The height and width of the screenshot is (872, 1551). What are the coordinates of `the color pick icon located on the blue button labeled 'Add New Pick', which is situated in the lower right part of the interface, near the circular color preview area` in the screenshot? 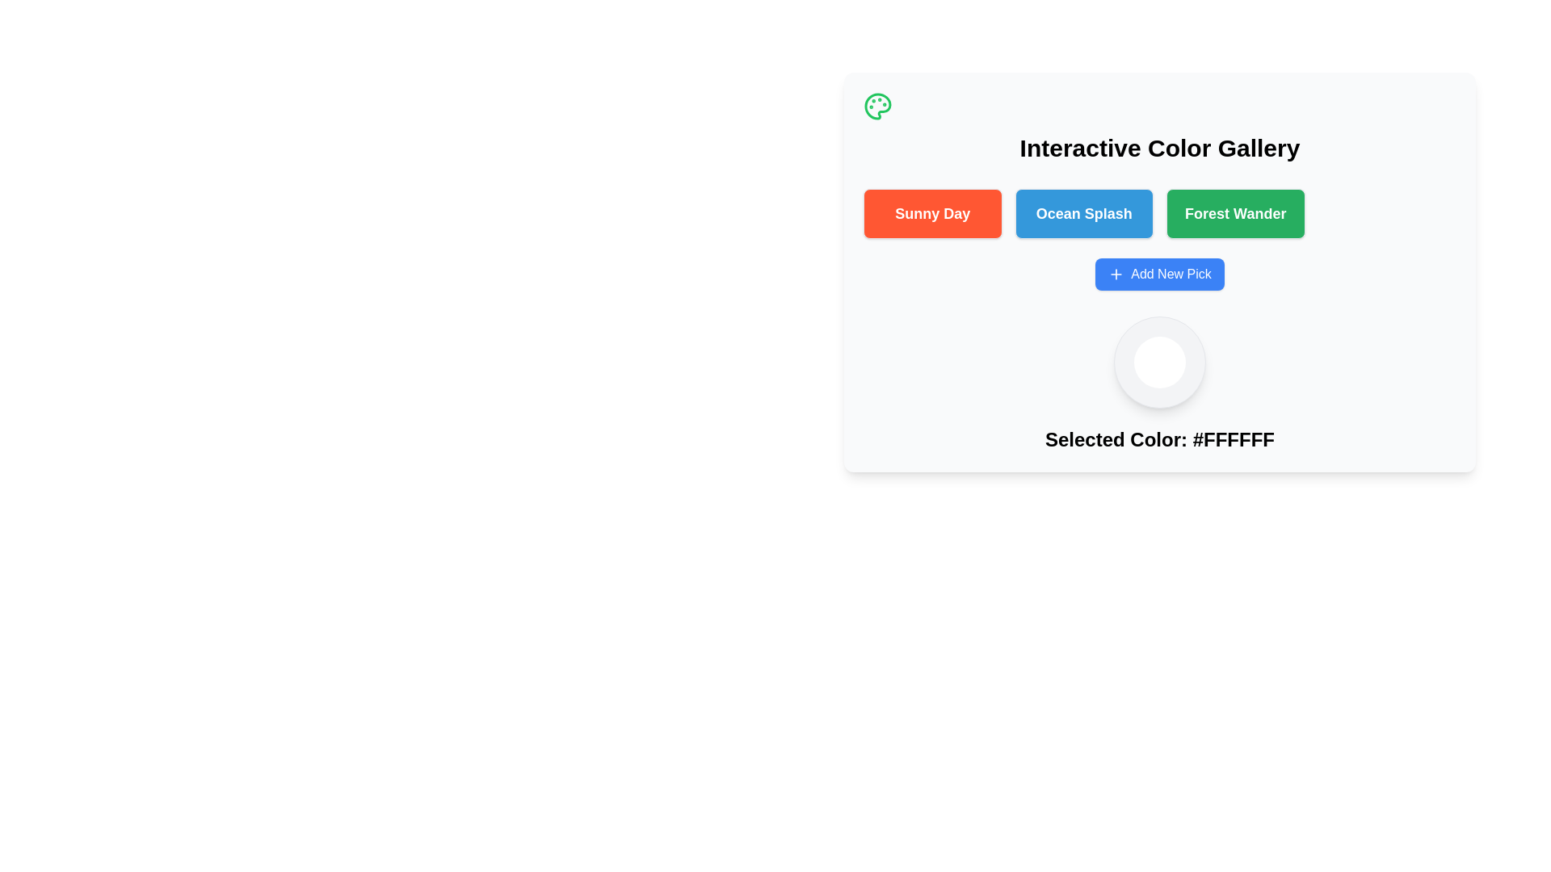 It's located at (1116, 273).